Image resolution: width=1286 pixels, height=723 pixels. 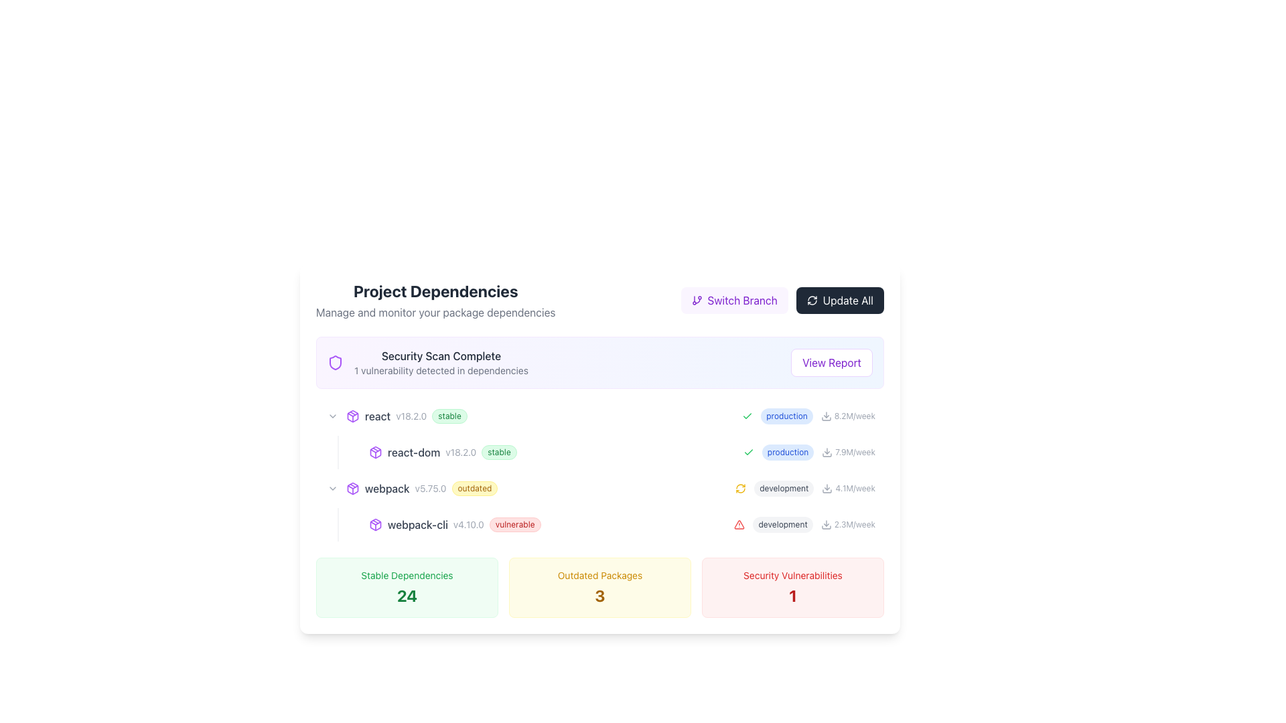 I want to click on the visual representation of the download icon, which features a downward-pointing arrow into a horizontal line, located adjacent to the text '4.1M/week', so click(x=827, y=488).